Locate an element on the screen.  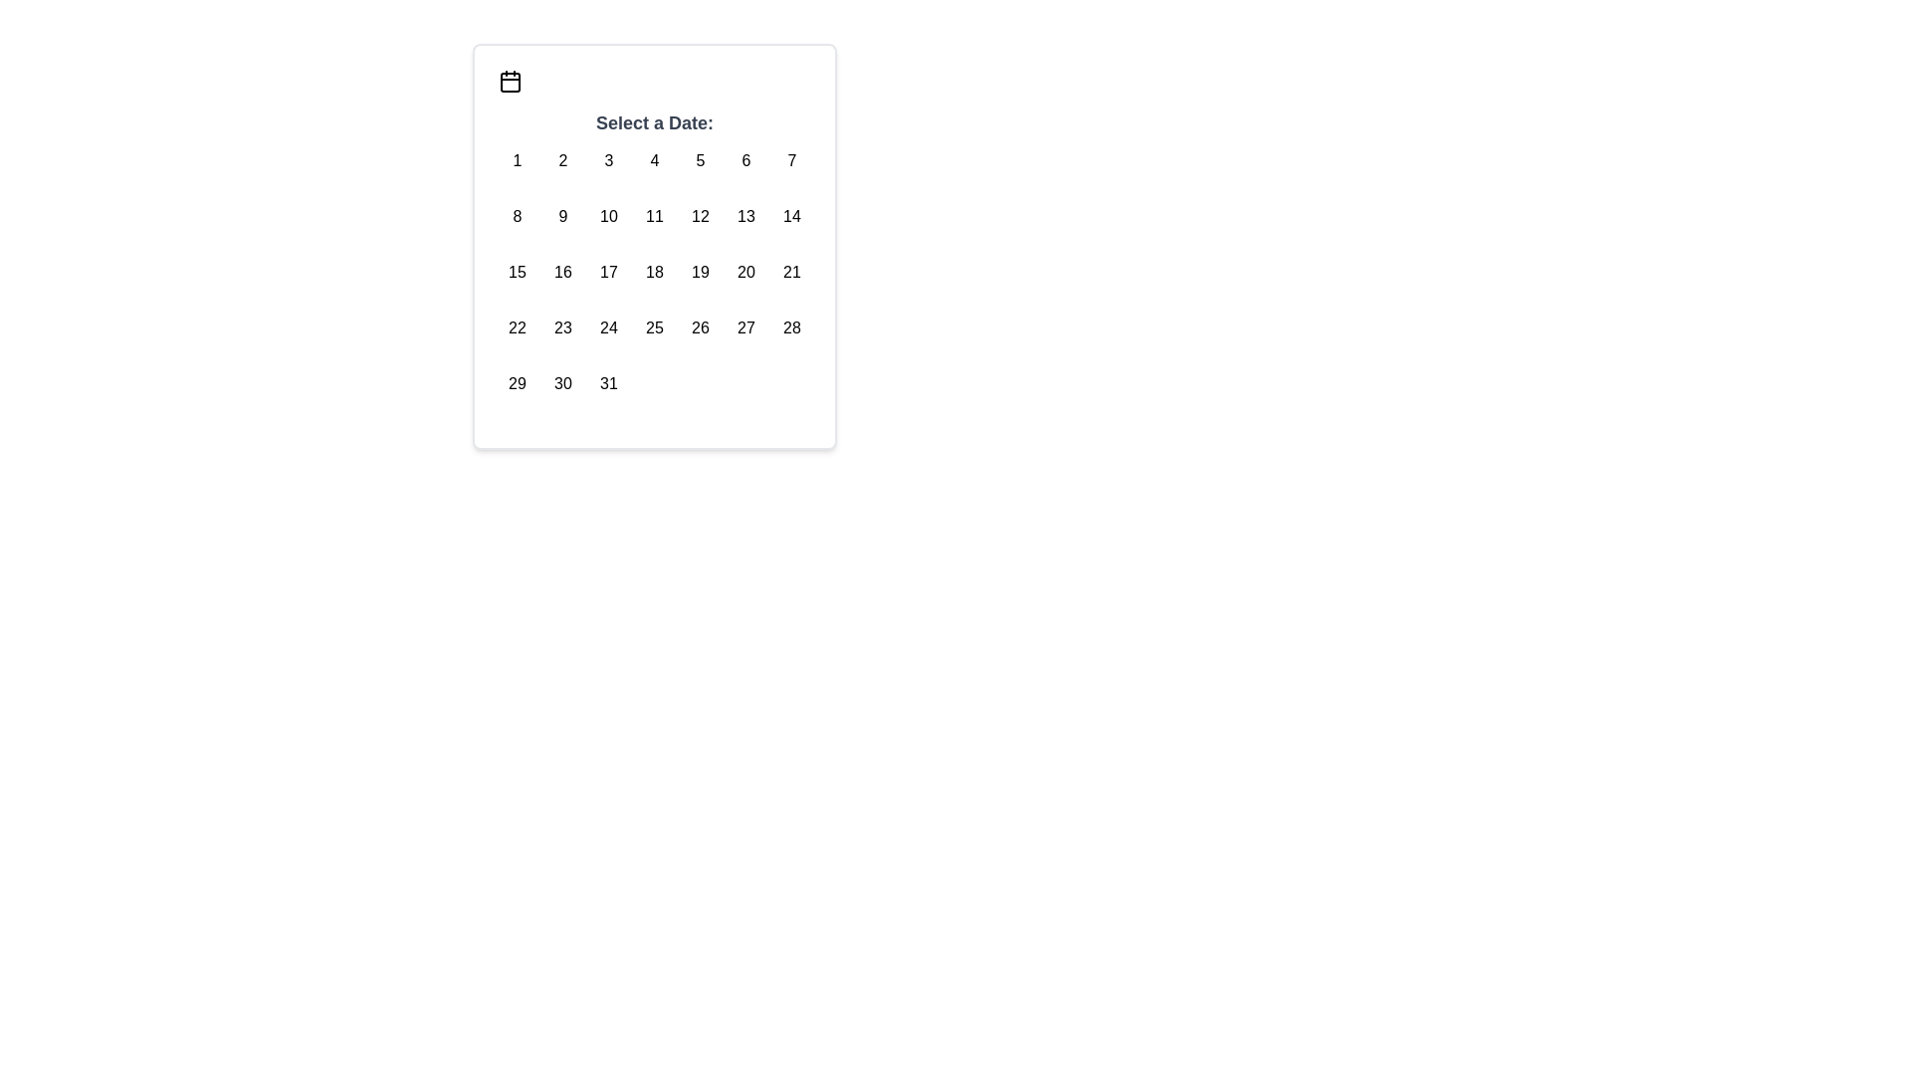
the circular button containing the number '13' is located at coordinates (744, 217).